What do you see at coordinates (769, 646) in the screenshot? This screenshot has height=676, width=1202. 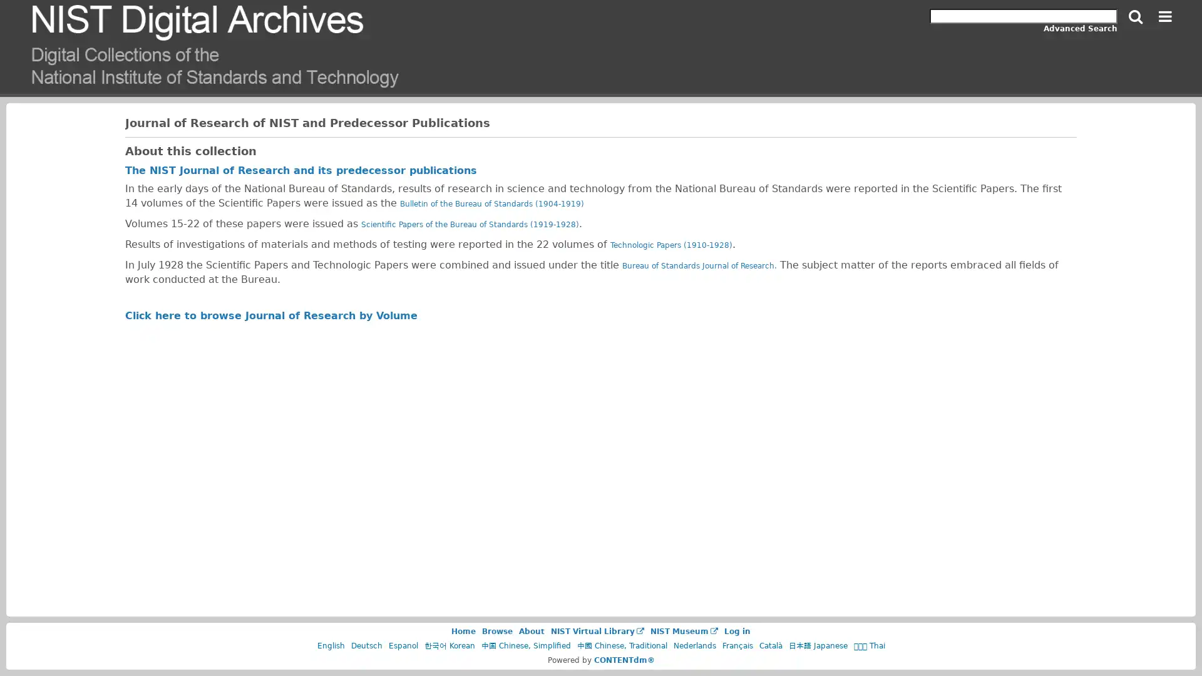 I see `Catala` at bounding box center [769, 646].